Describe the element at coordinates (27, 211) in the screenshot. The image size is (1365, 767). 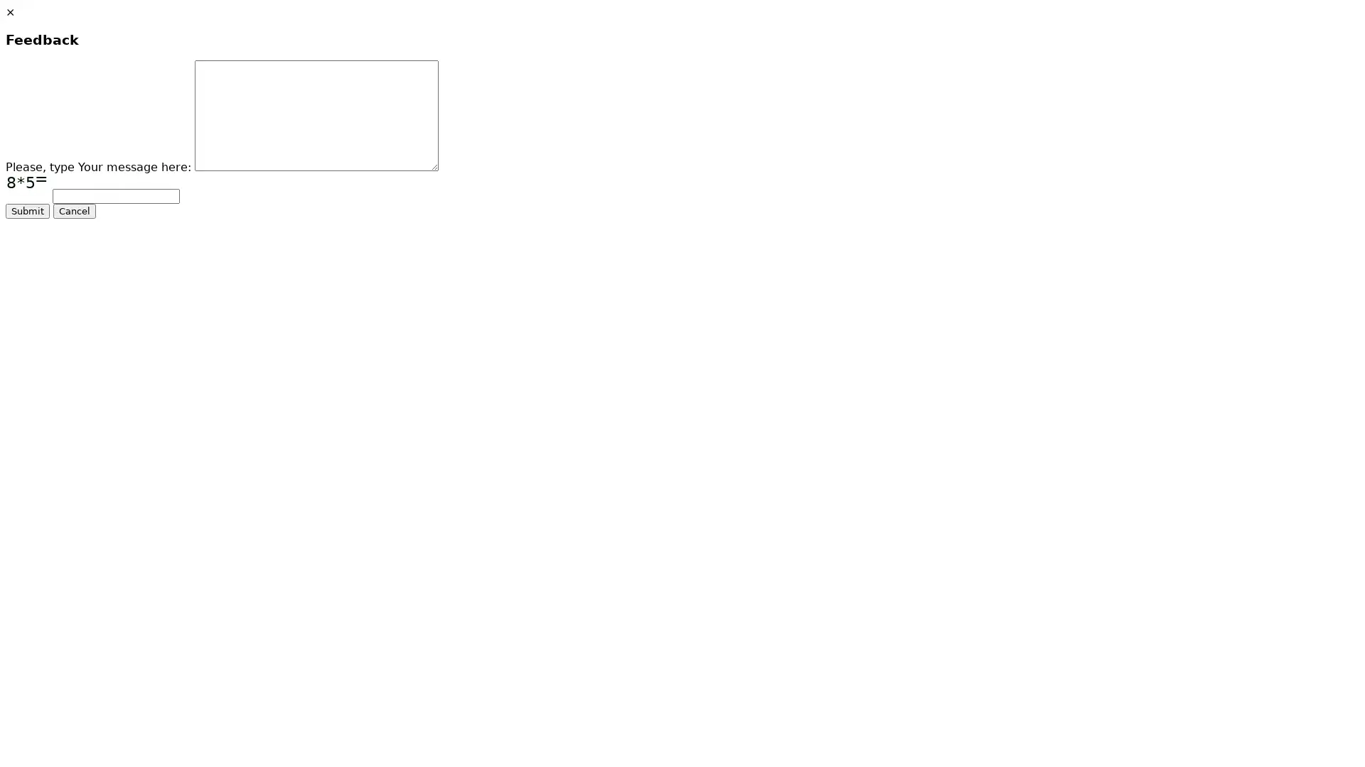
I see `Submit` at that location.